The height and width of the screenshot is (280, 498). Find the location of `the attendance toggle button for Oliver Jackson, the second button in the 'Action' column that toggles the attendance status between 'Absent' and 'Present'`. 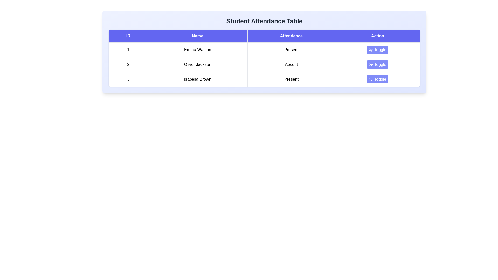

the attendance toggle button for Oliver Jackson, the second button in the 'Action' column that toggles the attendance status between 'Absent' and 'Present' is located at coordinates (377, 64).